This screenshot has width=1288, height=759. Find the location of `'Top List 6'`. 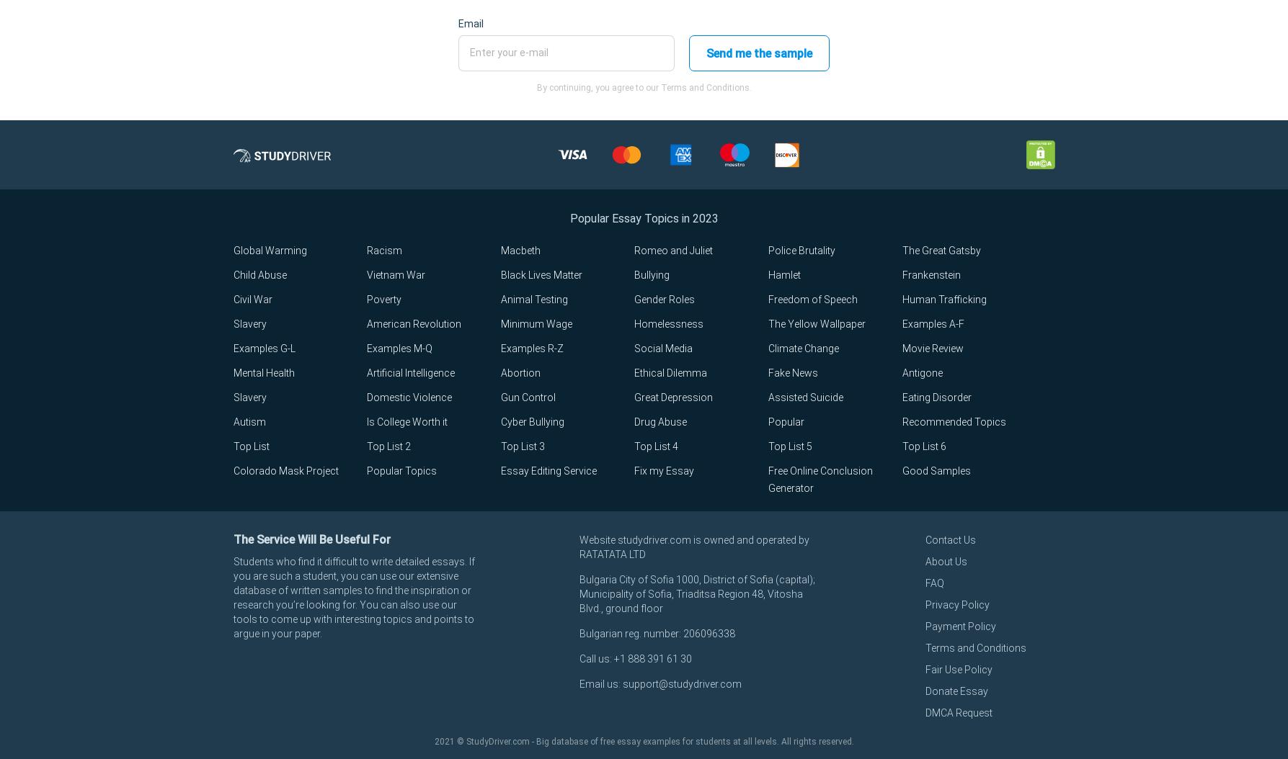

'Top List 6' is located at coordinates (923, 445).